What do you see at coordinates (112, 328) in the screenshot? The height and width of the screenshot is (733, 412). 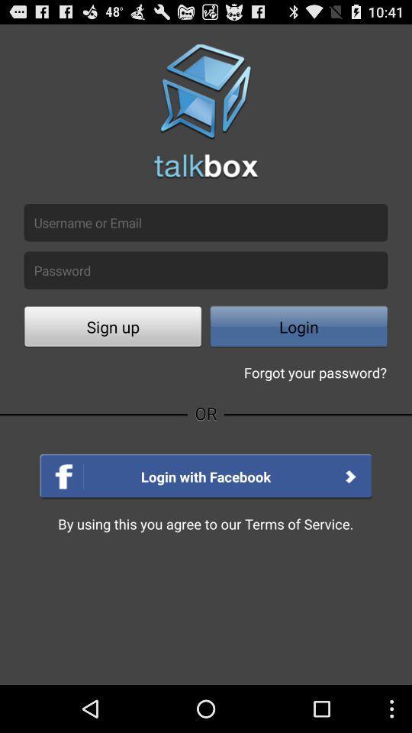 I see `the item above or item` at bounding box center [112, 328].